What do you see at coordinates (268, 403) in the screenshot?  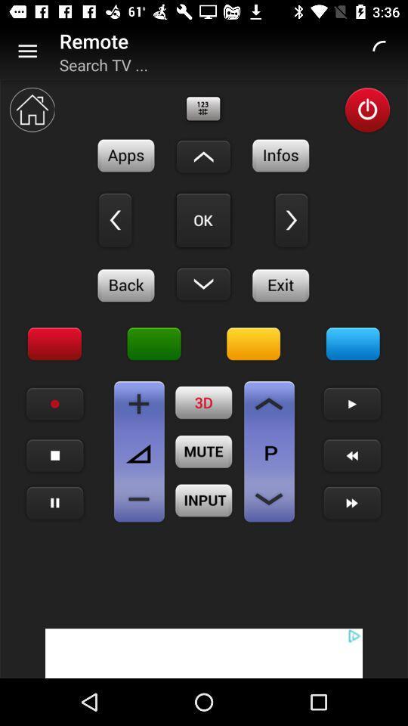 I see `the expand_less icon` at bounding box center [268, 403].